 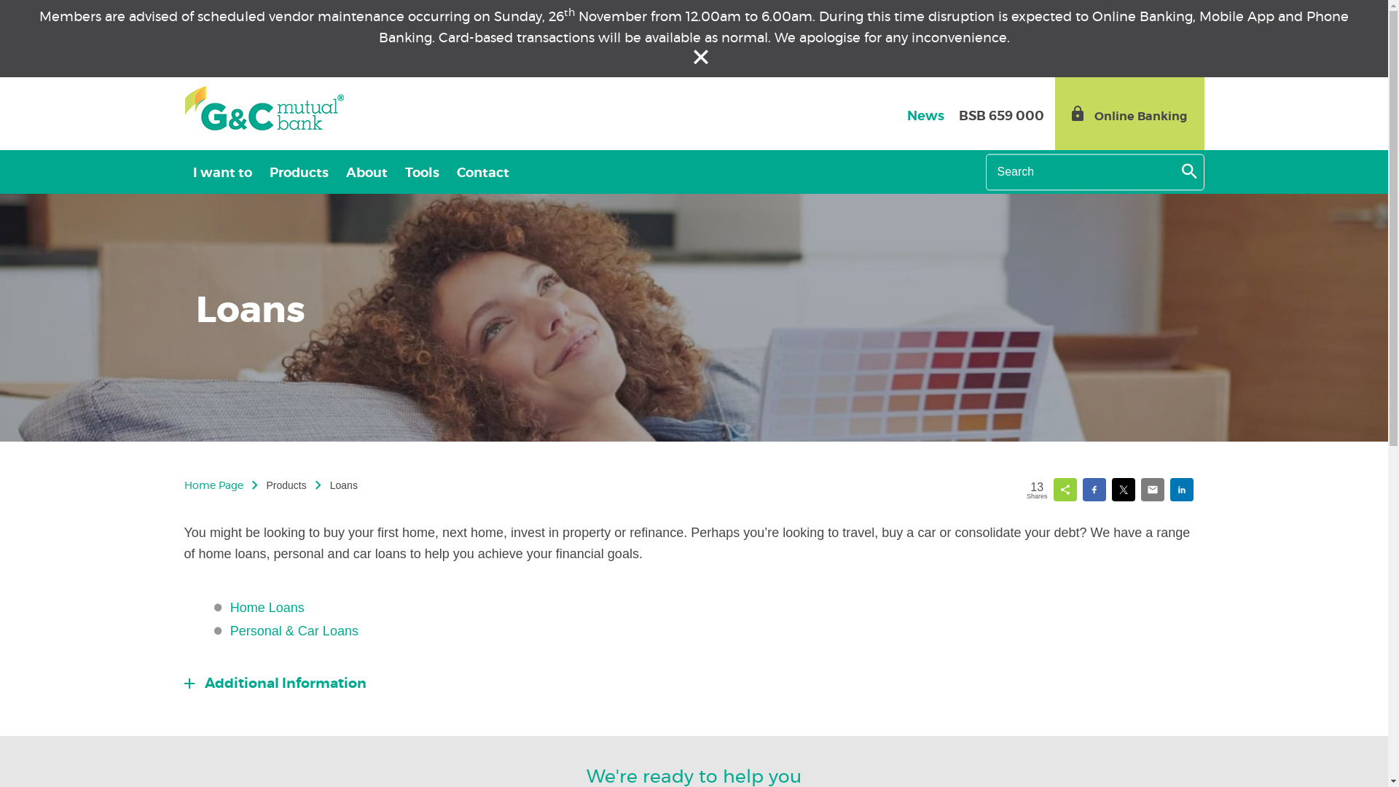 What do you see at coordinates (221, 171) in the screenshot?
I see `'I want to'` at bounding box center [221, 171].